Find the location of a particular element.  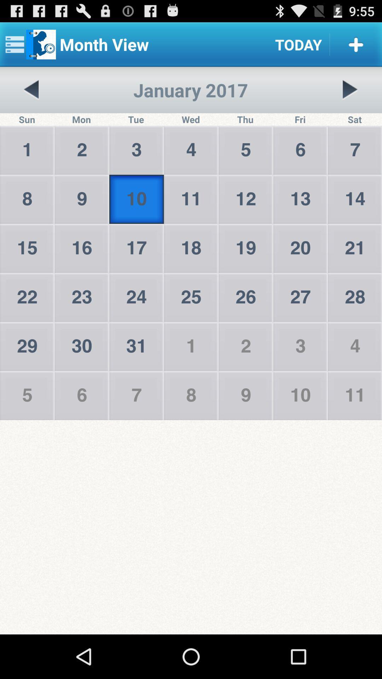

the arrow_backward icon is located at coordinates (31, 96).